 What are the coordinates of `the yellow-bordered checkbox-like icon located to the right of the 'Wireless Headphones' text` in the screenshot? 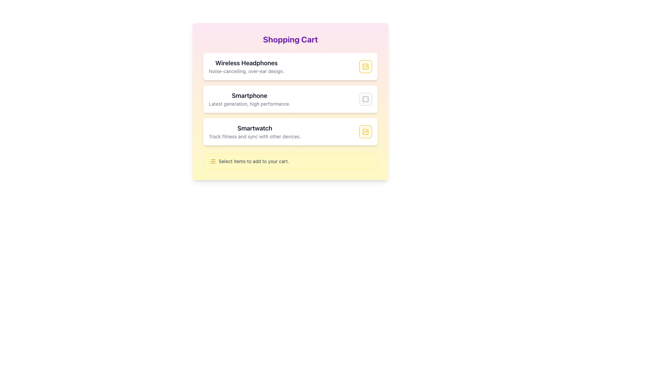 It's located at (365, 67).